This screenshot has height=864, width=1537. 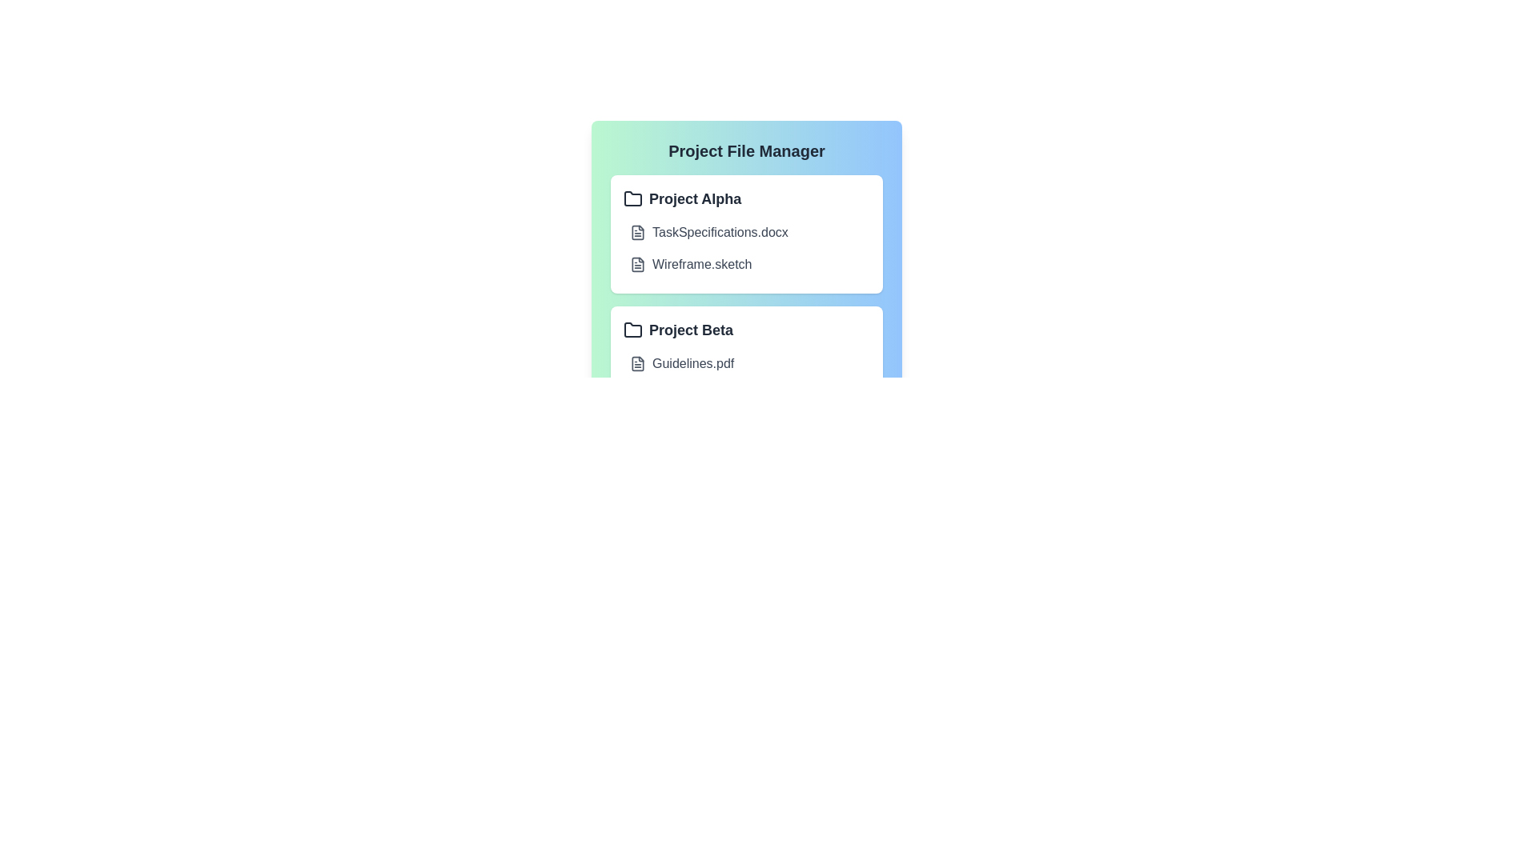 What do you see at coordinates (702, 264) in the screenshot?
I see `the file name Wireframe.sketch to open it` at bounding box center [702, 264].